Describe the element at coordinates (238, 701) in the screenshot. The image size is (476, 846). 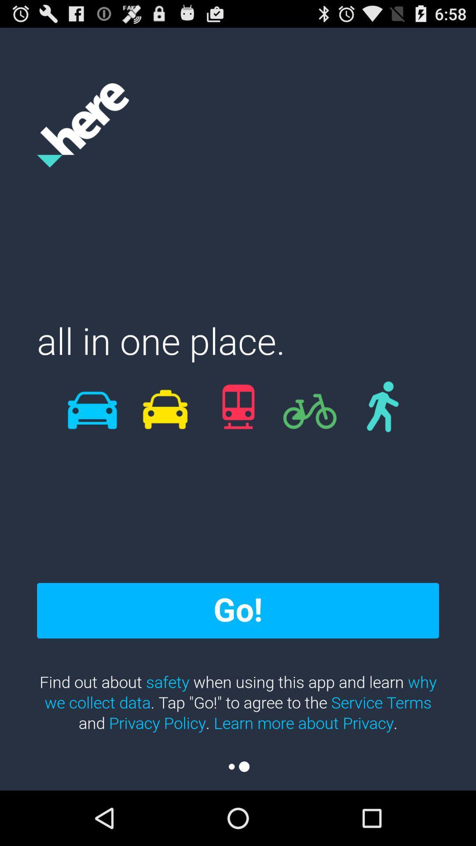
I see `the icon below go! icon` at that location.